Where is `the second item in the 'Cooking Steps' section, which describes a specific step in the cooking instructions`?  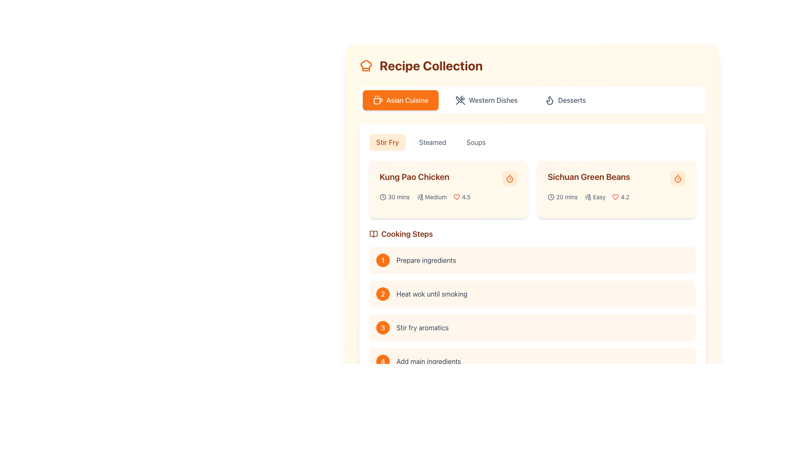
the second item in the 'Cooking Steps' section, which describes a specific step in the cooking instructions is located at coordinates (532, 294).